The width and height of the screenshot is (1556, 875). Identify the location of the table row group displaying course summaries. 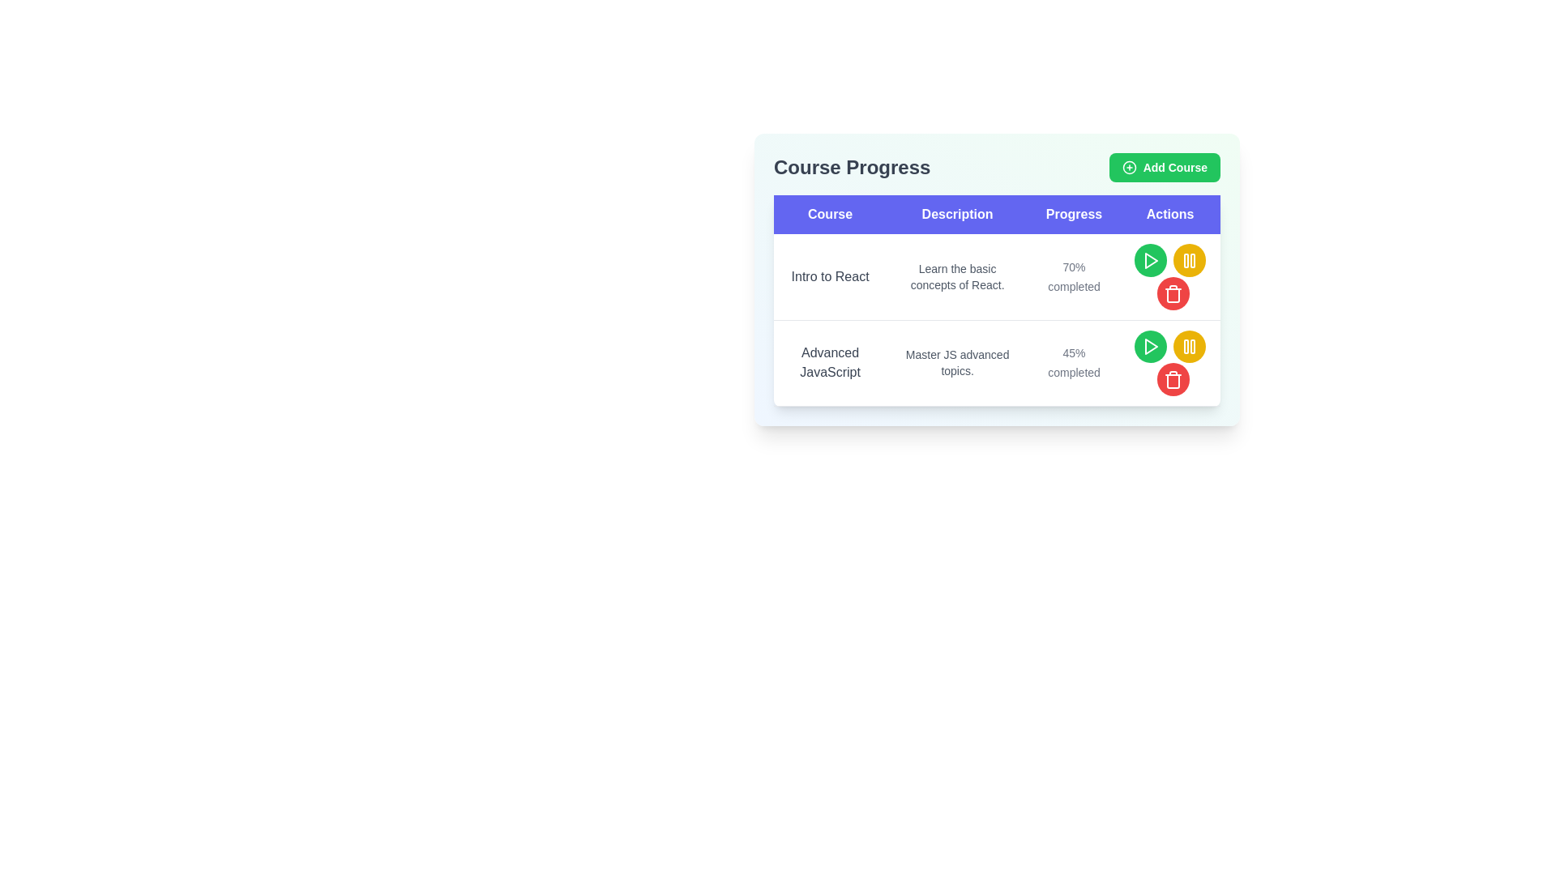
(996, 320).